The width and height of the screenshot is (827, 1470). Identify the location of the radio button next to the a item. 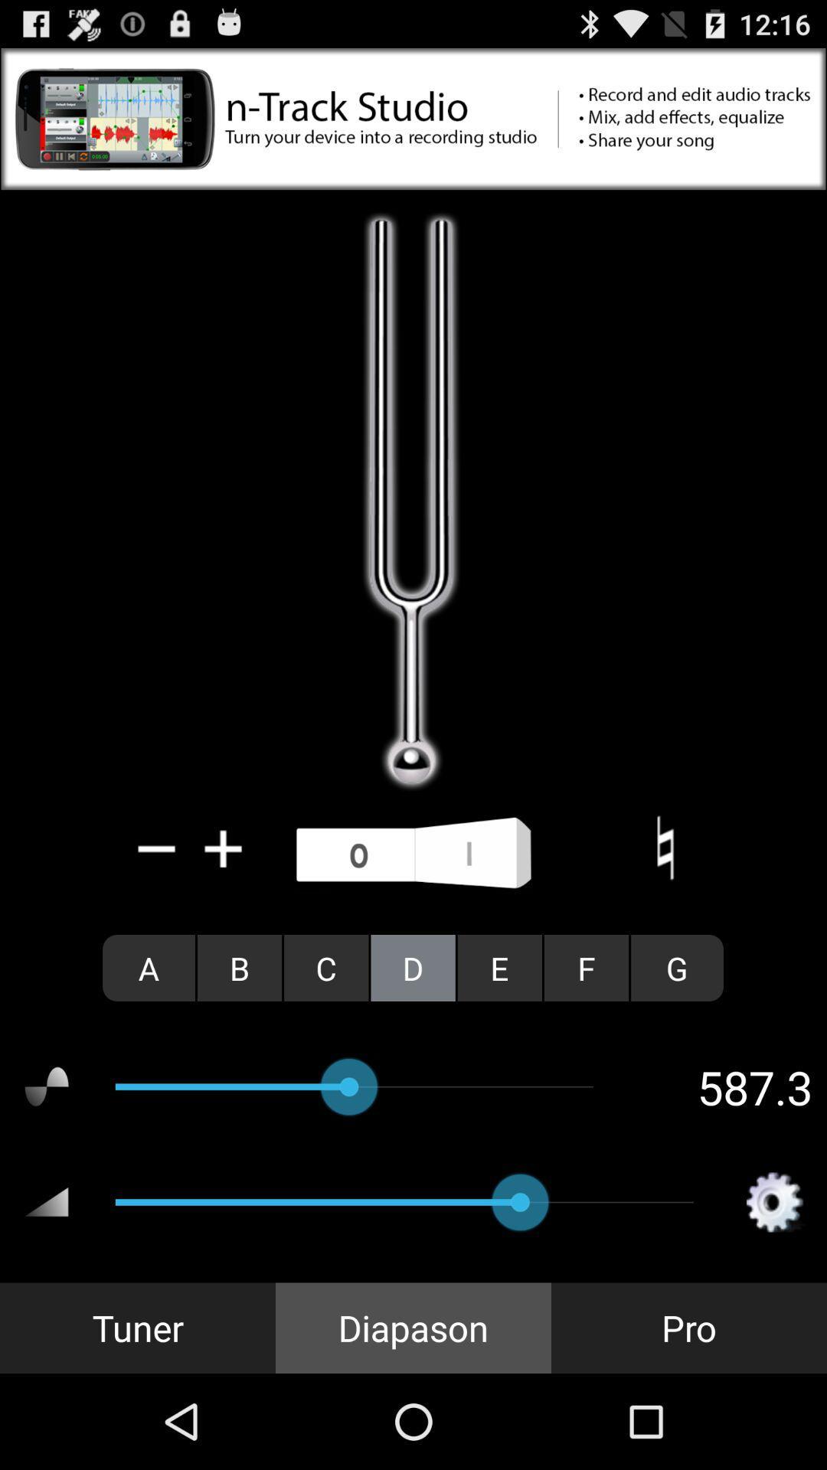
(240, 967).